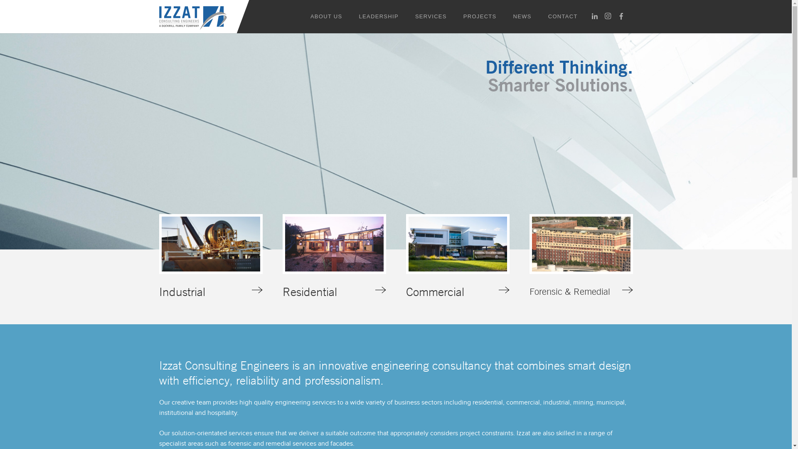 The image size is (798, 449). What do you see at coordinates (563, 16) in the screenshot?
I see `'CONTACT'` at bounding box center [563, 16].